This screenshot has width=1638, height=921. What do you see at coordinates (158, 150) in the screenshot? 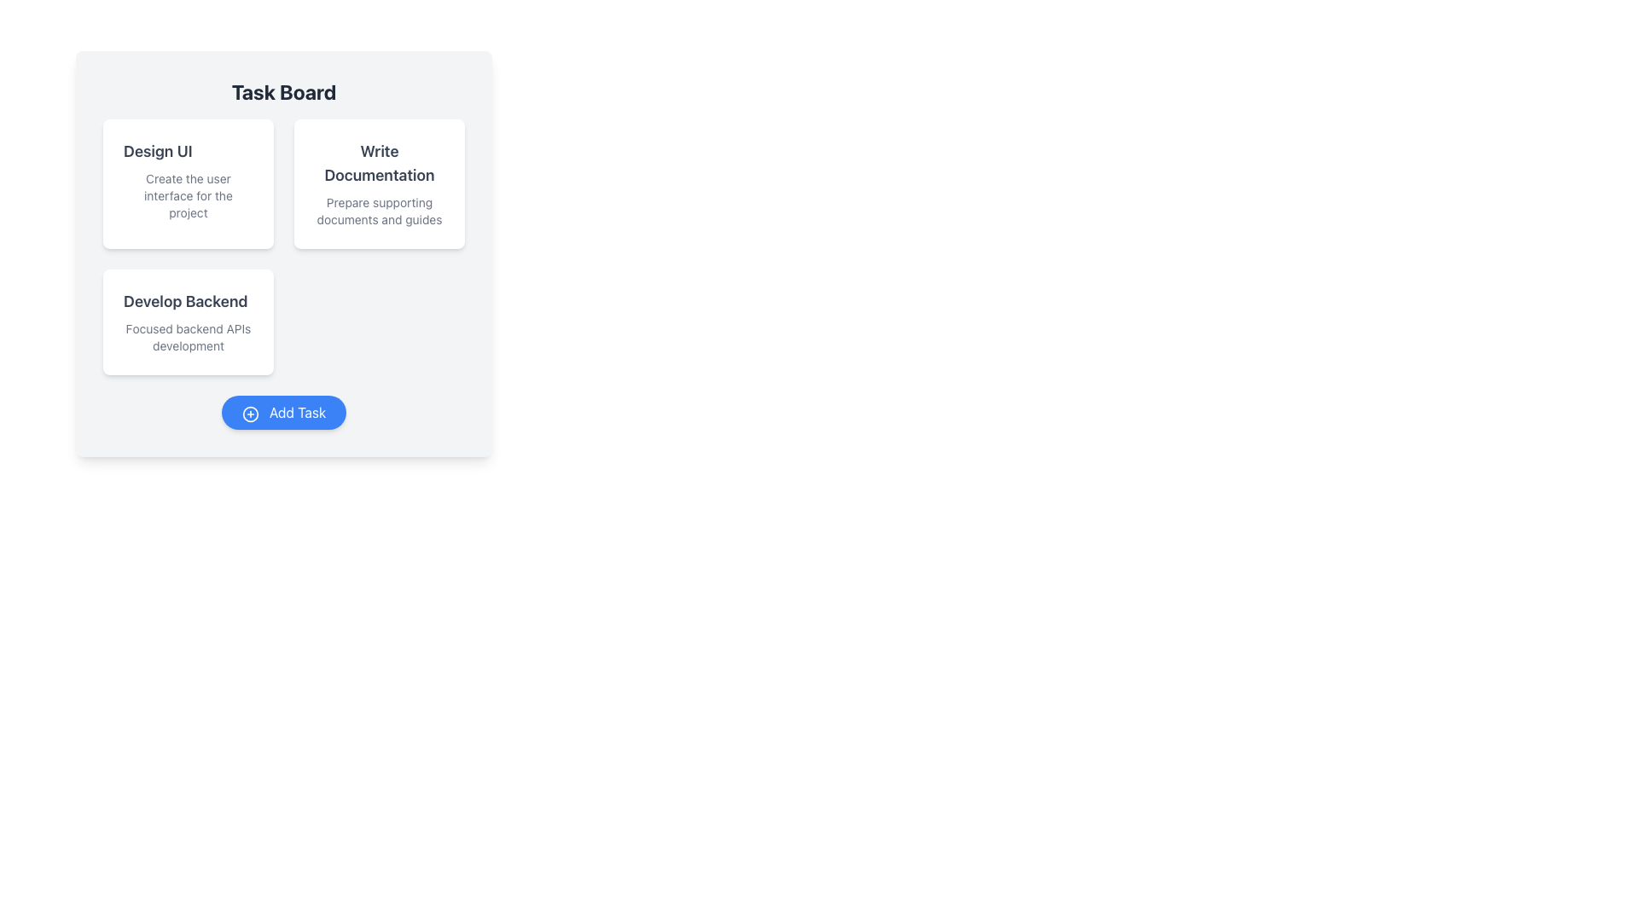
I see `text from the Text Label located in the top-left card of the 2x2 grid, which summarizes the card's content` at bounding box center [158, 150].